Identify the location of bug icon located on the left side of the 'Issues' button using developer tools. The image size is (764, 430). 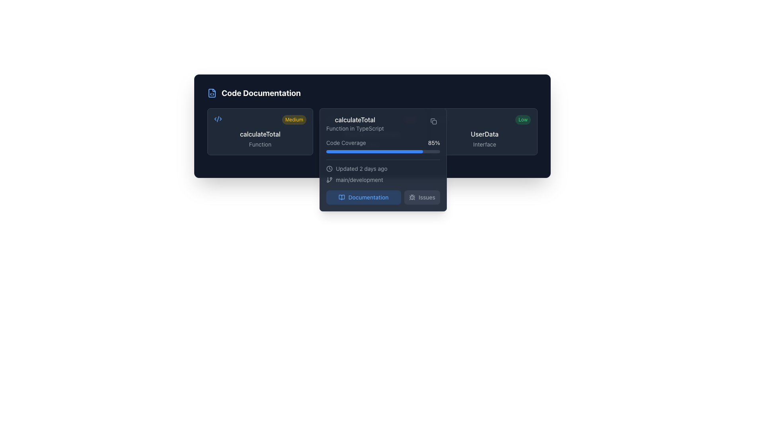
(412, 197).